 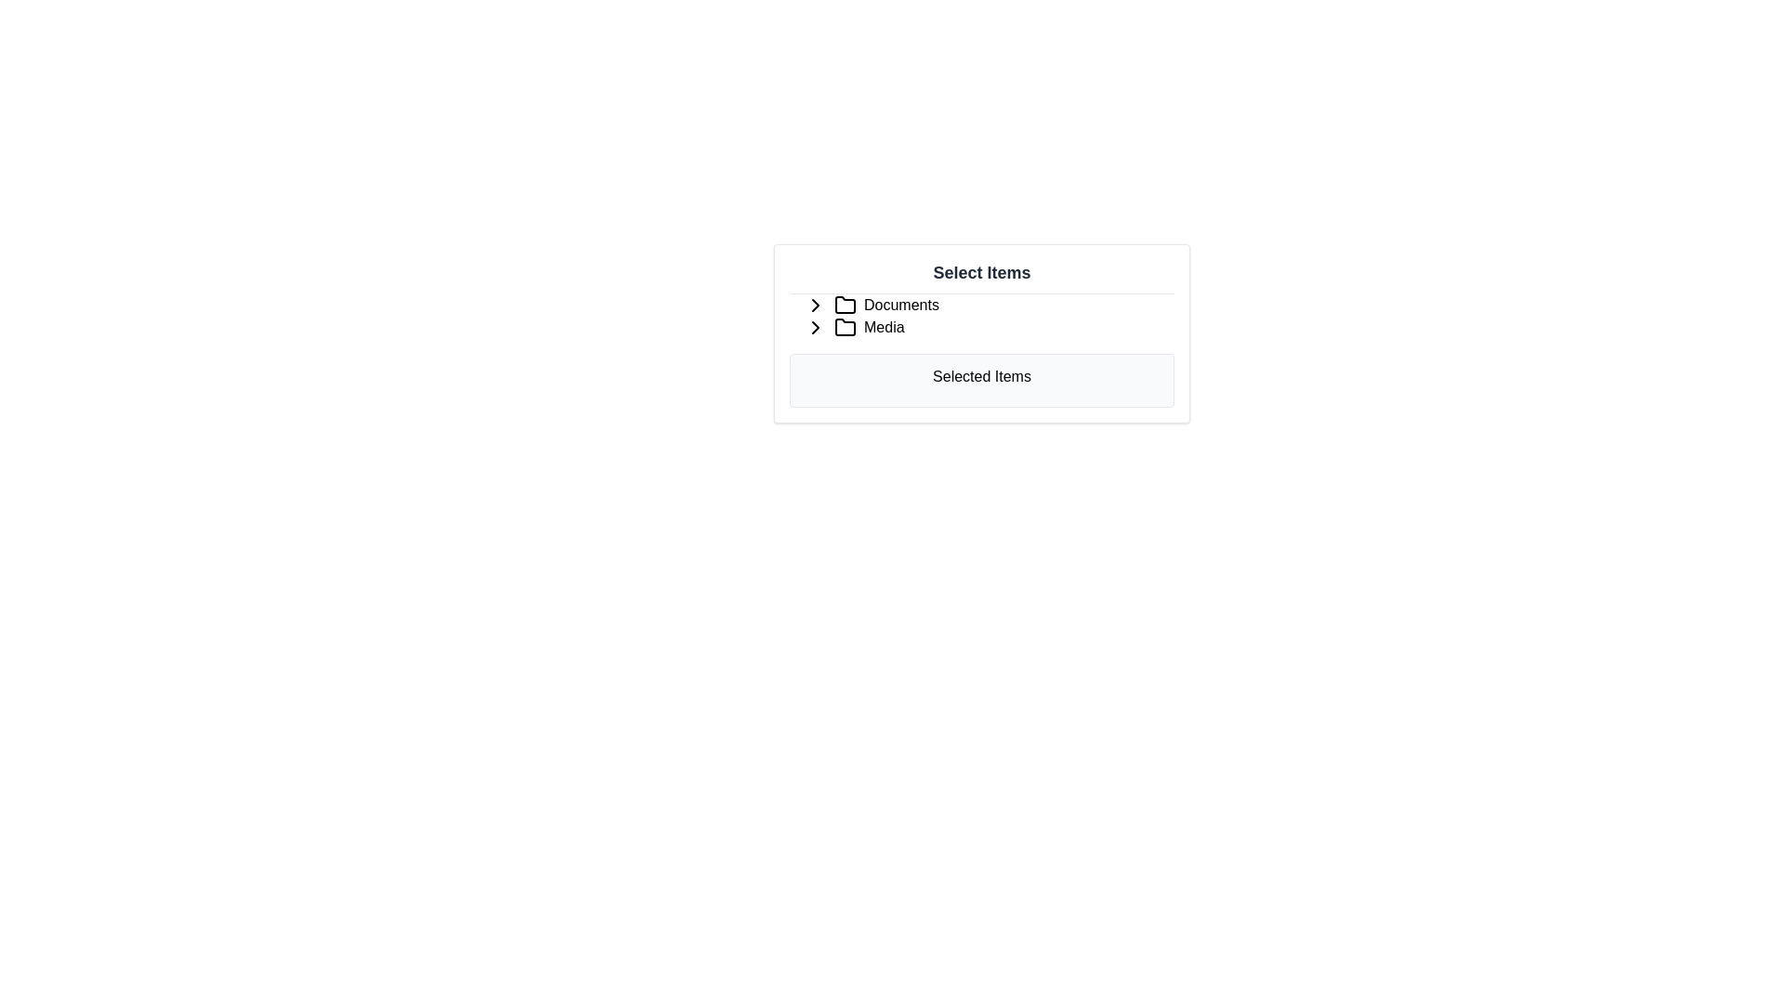 What do you see at coordinates (845, 304) in the screenshot?
I see `the small black folder icon located next to the 'Documents' label in the 'Select Items' menu` at bounding box center [845, 304].